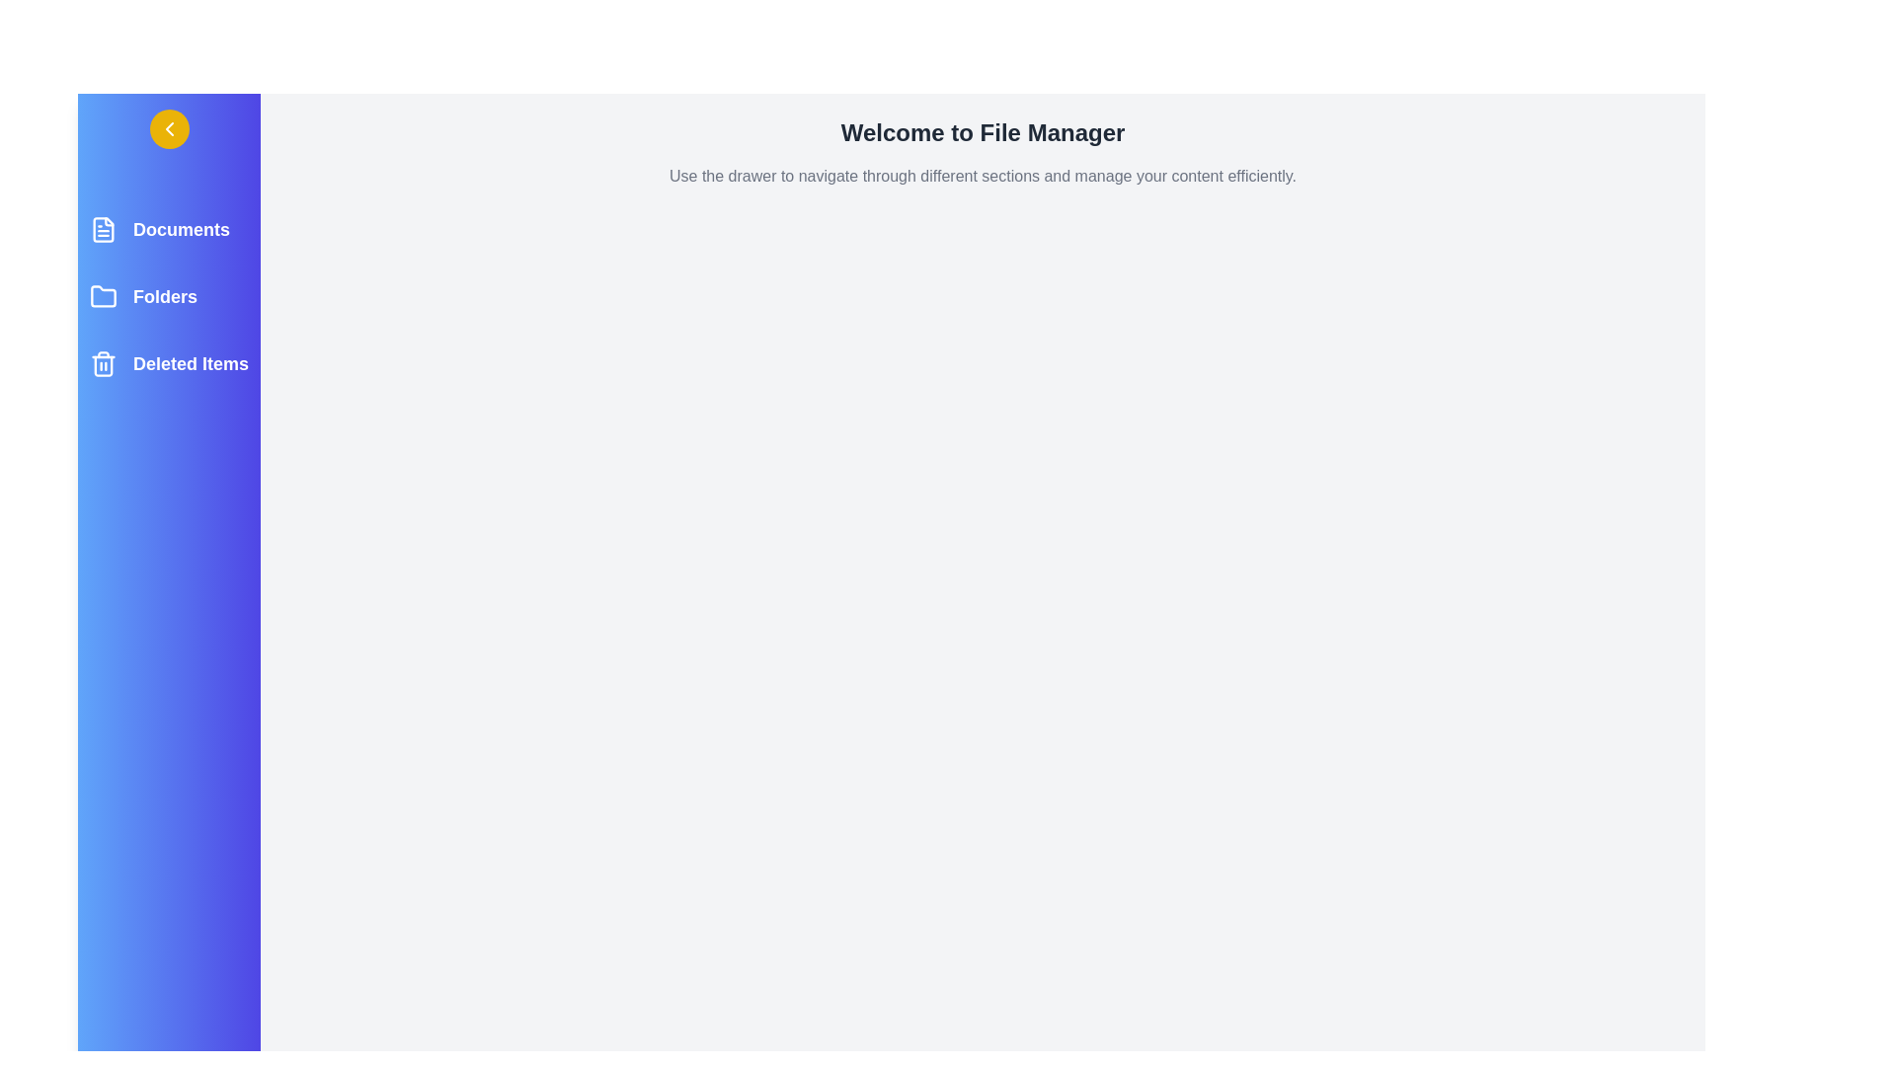 The height and width of the screenshot is (1066, 1896). What do you see at coordinates (169, 364) in the screenshot?
I see `the section Deleted Items from the sidebar` at bounding box center [169, 364].